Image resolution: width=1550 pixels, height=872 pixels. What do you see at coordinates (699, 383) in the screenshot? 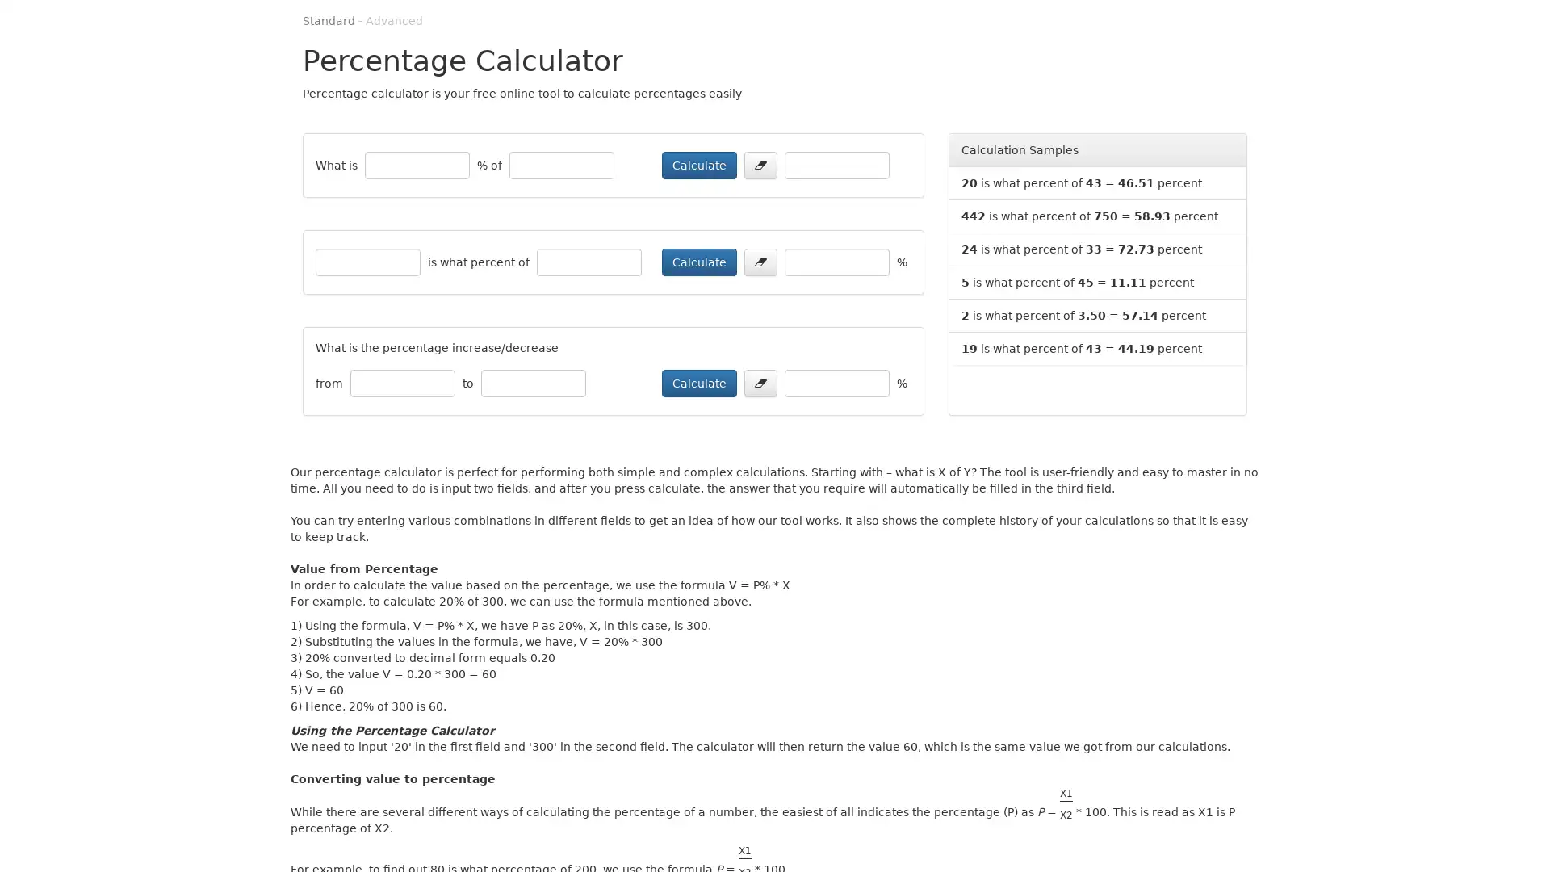
I see `Calculate` at bounding box center [699, 383].